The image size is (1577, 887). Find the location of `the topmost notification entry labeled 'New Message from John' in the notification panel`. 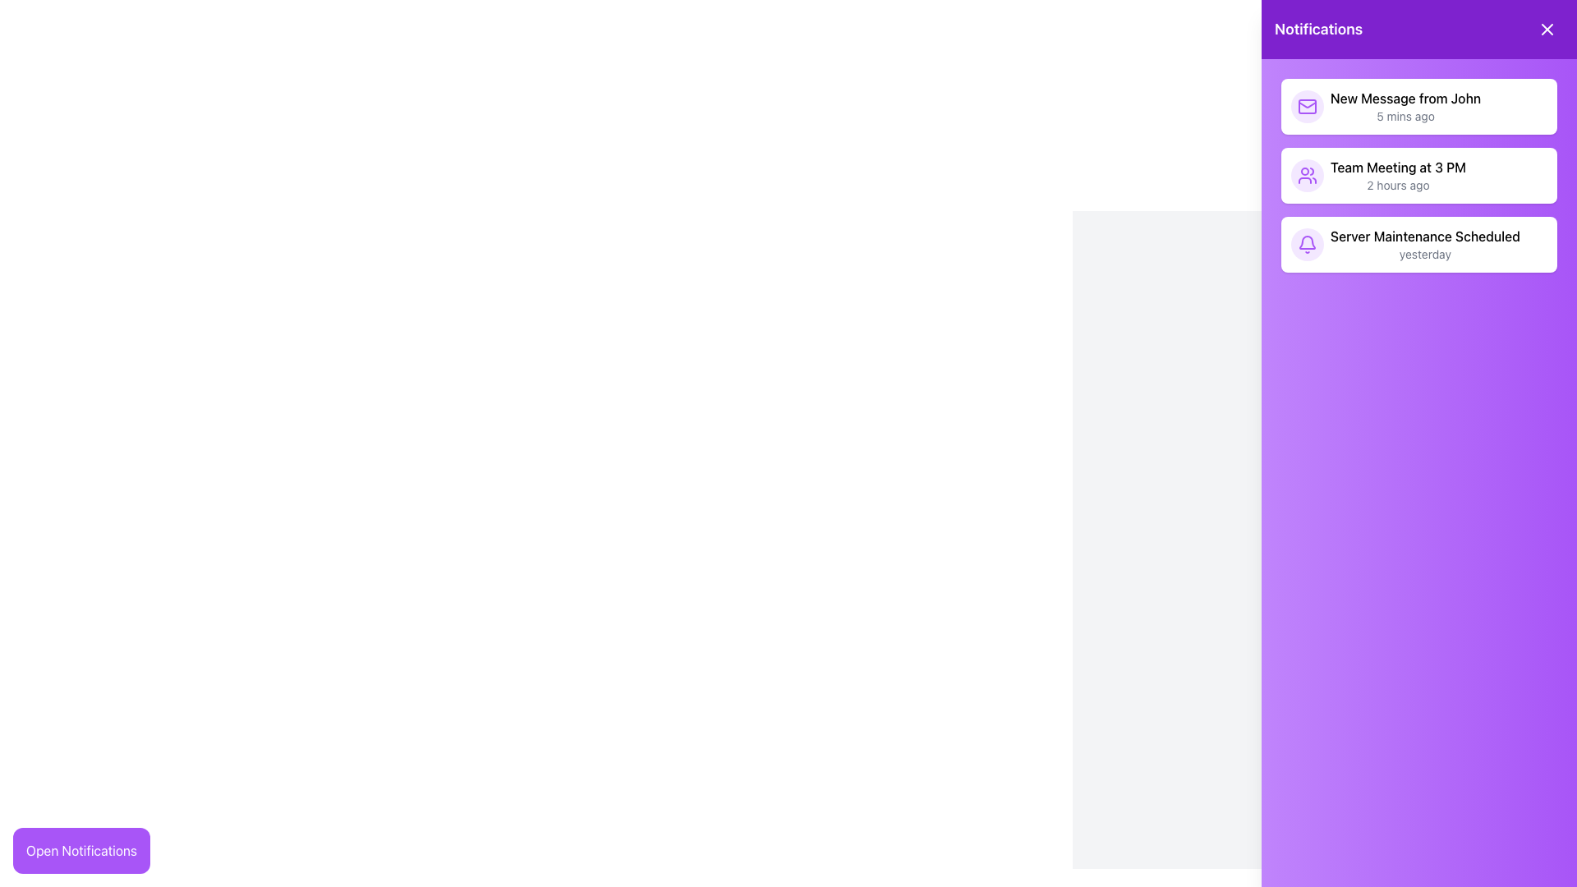

the topmost notification entry labeled 'New Message from John' in the notification panel is located at coordinates (1385, 107).